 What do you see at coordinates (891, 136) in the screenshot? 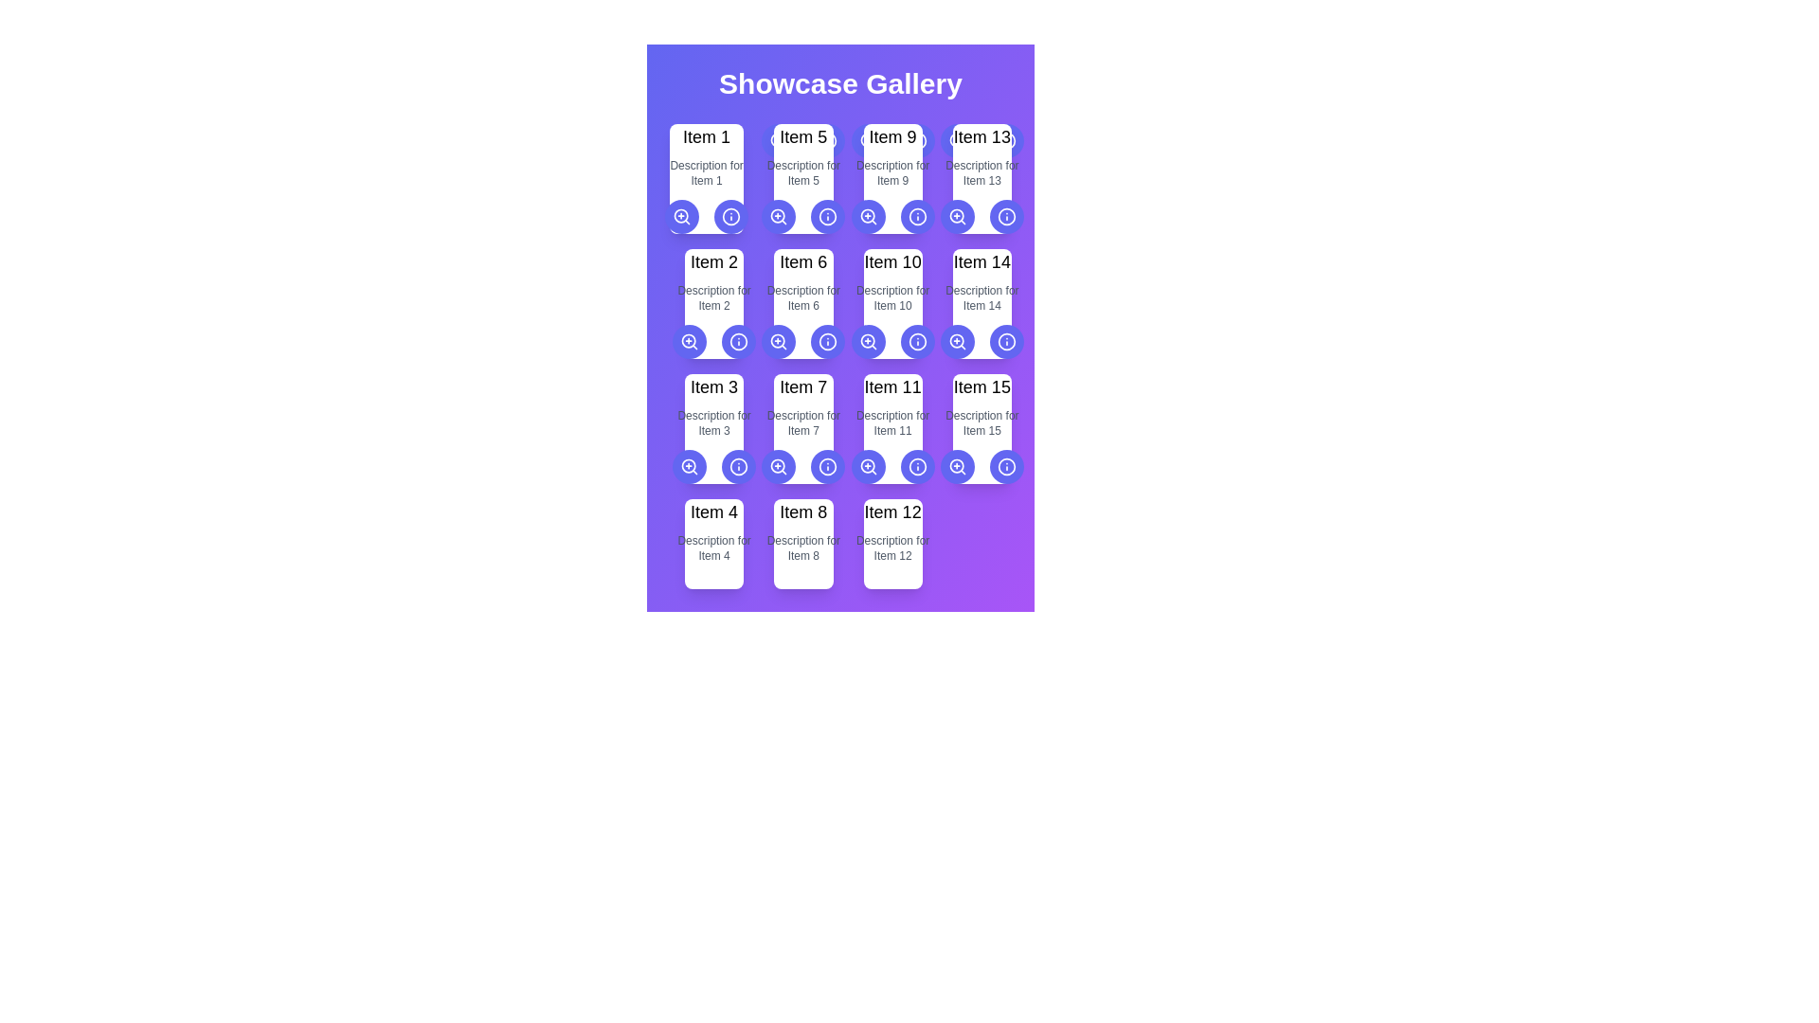
I see `the Text label that serves as the title or header of its corresponding card in the third column and second row of the grid for potential navigation or interaction` at bounding box center [891, 136].